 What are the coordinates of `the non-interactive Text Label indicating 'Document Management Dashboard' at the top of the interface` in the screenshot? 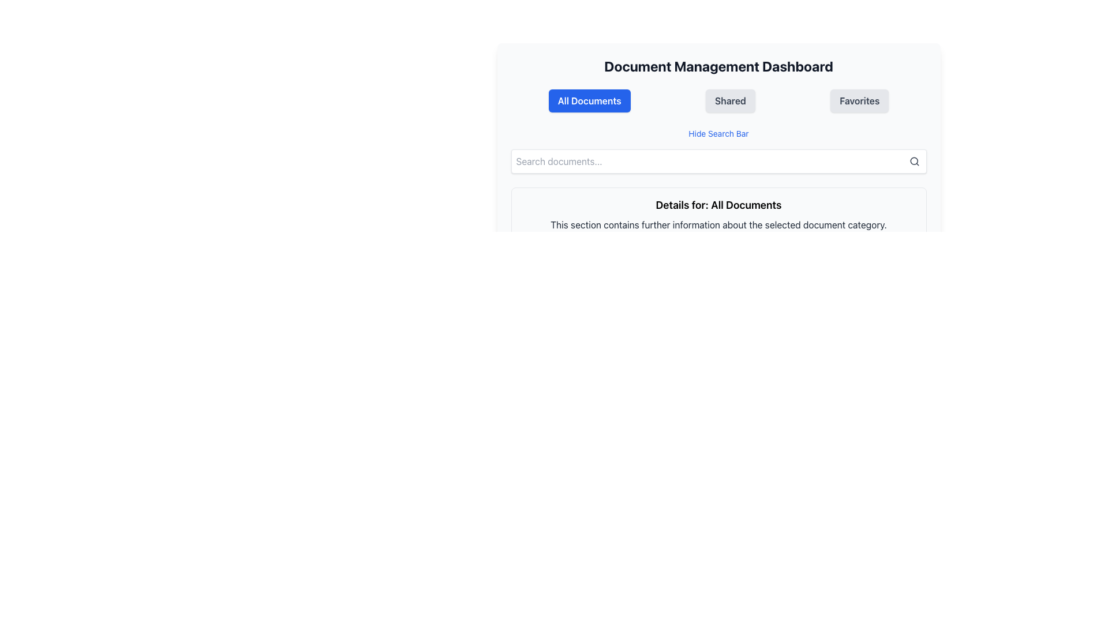 It's located at (718, 66).